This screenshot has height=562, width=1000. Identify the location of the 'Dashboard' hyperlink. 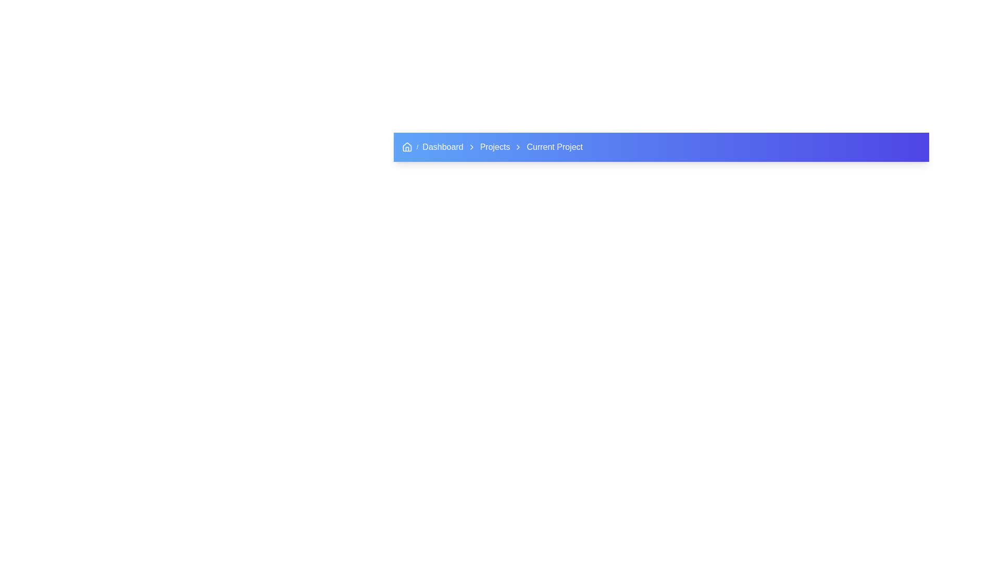
(443, 147).